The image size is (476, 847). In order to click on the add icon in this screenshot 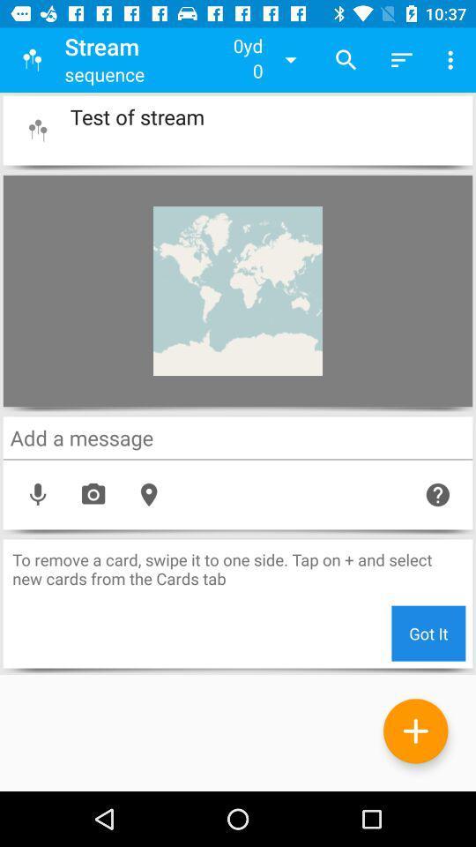, I will do `click(415, 731)`.